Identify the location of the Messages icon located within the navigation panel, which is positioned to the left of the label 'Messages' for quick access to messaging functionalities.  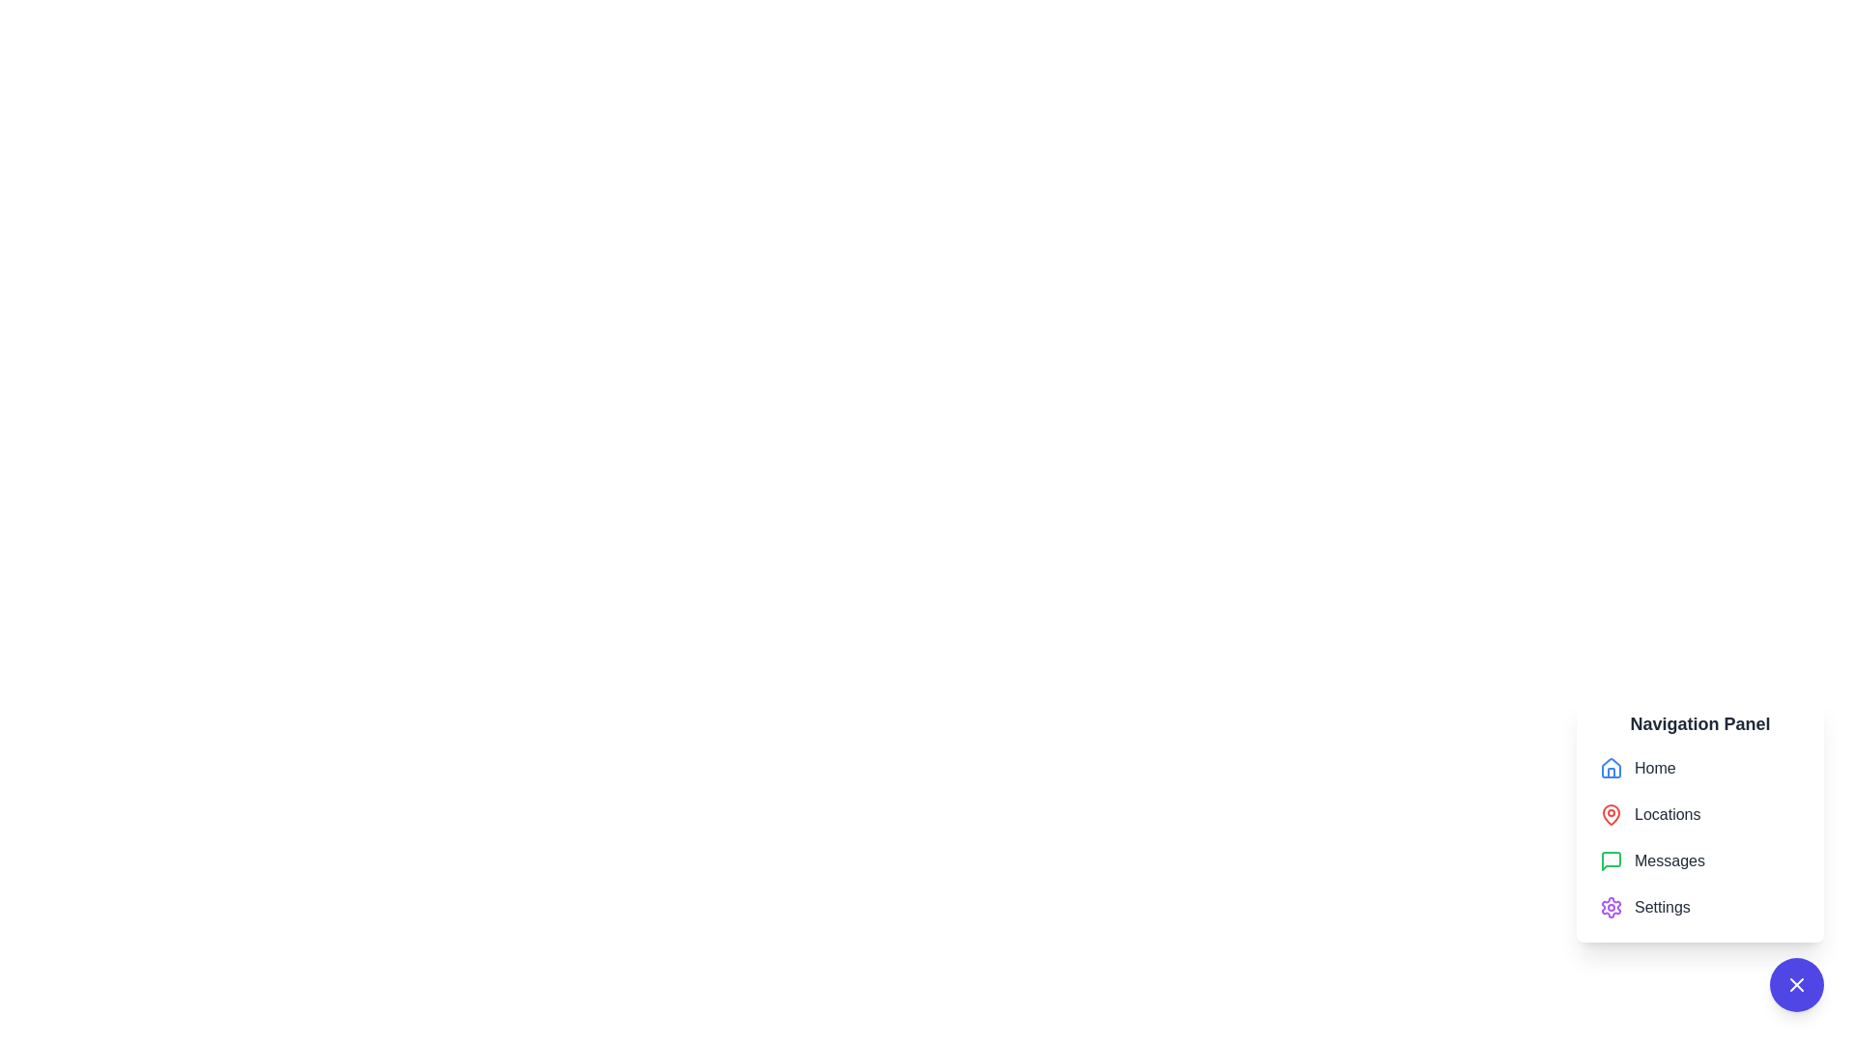
(1612, 860).